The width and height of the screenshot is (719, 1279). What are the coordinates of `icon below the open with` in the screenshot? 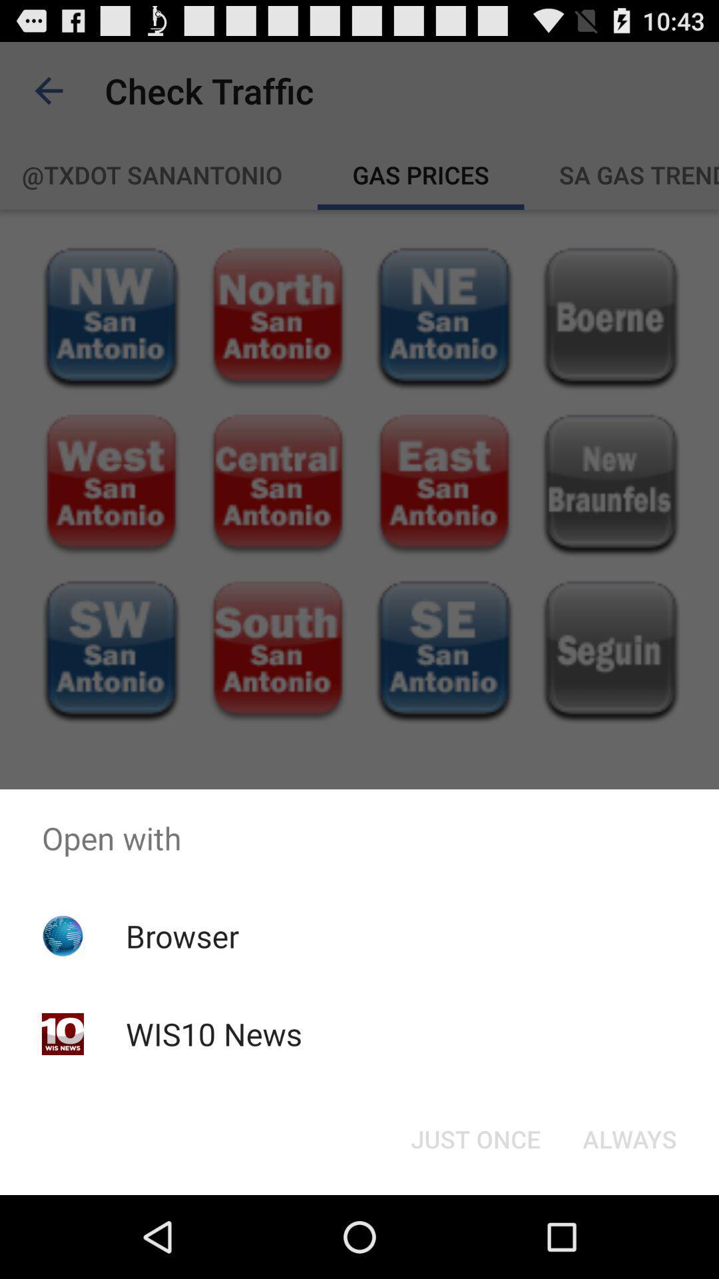 It's located at (475, 1138).